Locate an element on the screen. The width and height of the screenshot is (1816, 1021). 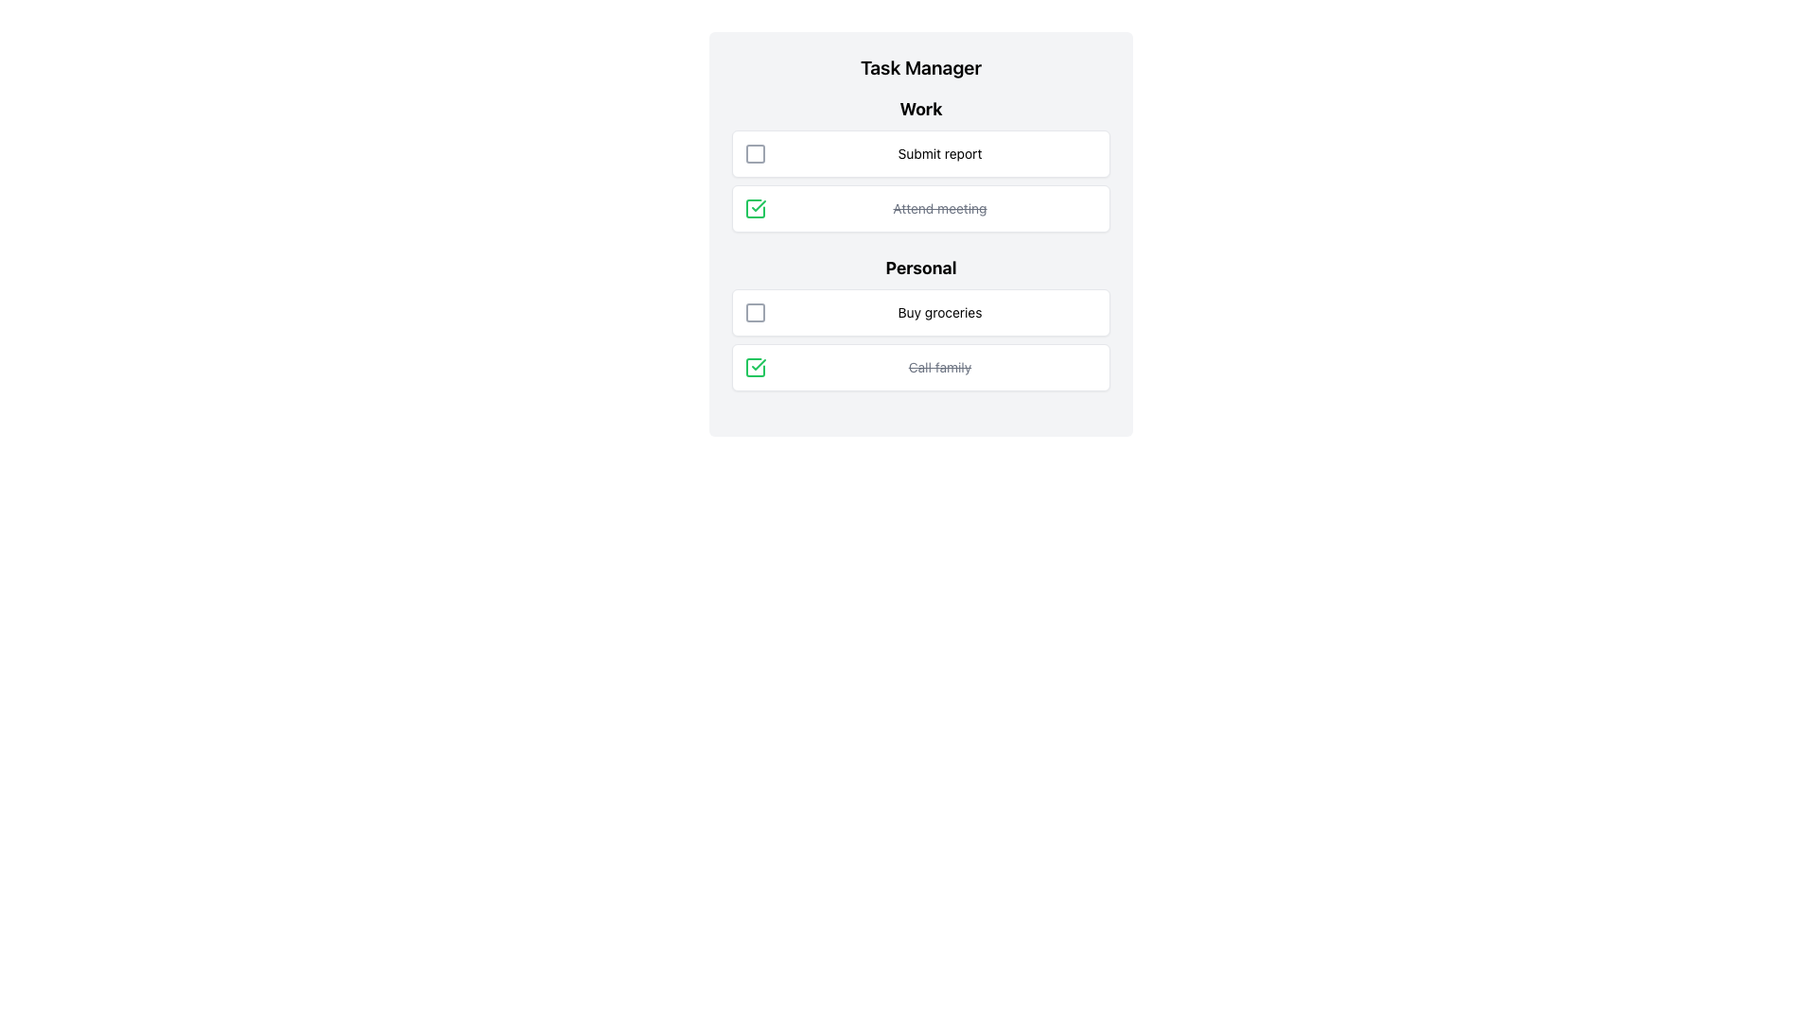
the unchecked checkbox with a red border aligned with the 'Submit report' text in the 'Work' category is located at coordinates (754, 152).